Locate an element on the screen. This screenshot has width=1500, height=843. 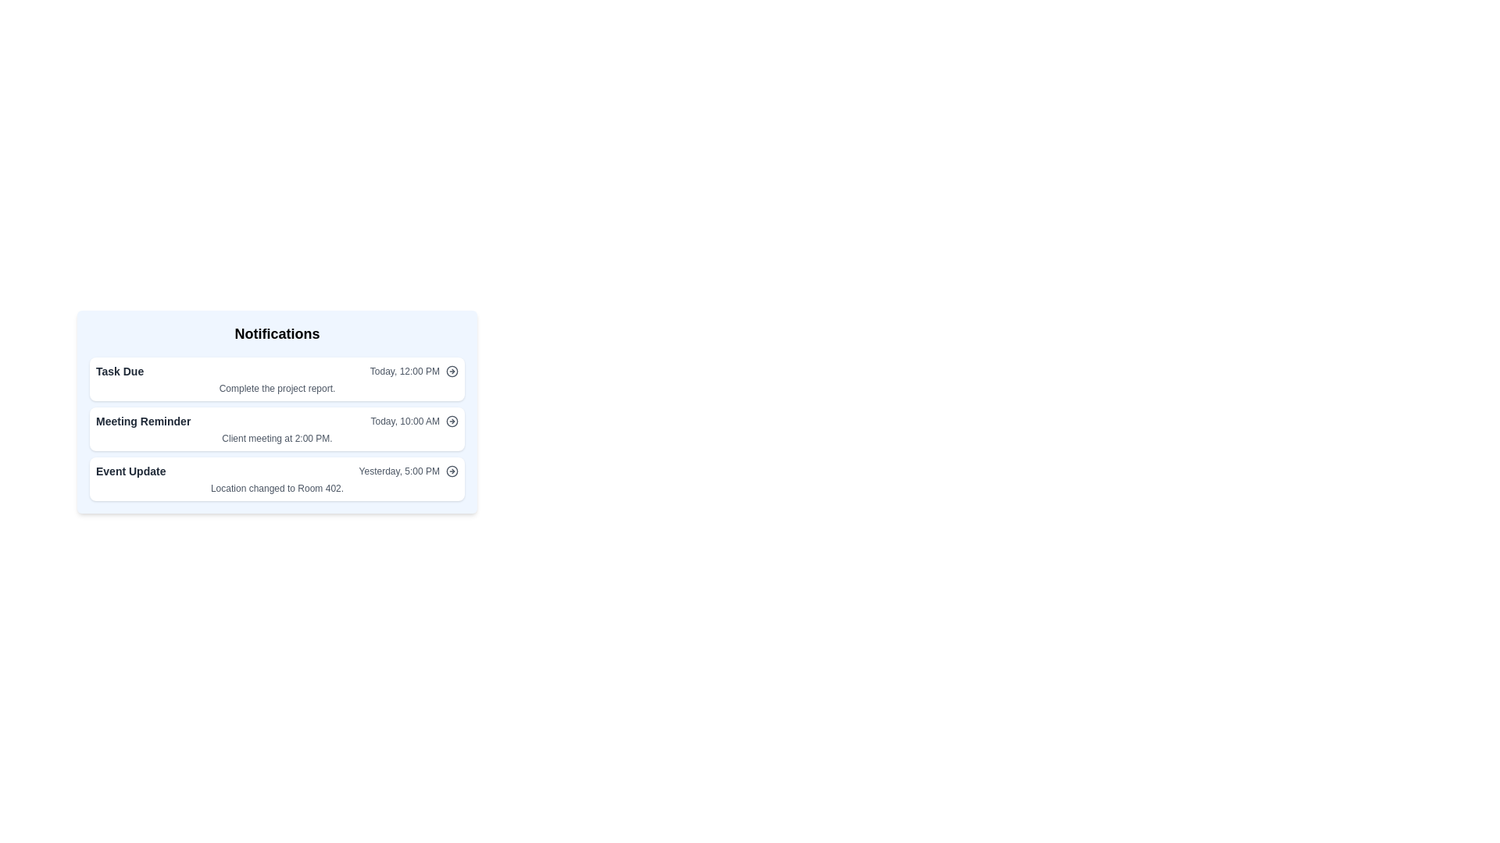
the timestamp label indicating the last update for the 'Event Update' notification, which is the rightmost component in the notifications list is located at coordinates (399, 471).